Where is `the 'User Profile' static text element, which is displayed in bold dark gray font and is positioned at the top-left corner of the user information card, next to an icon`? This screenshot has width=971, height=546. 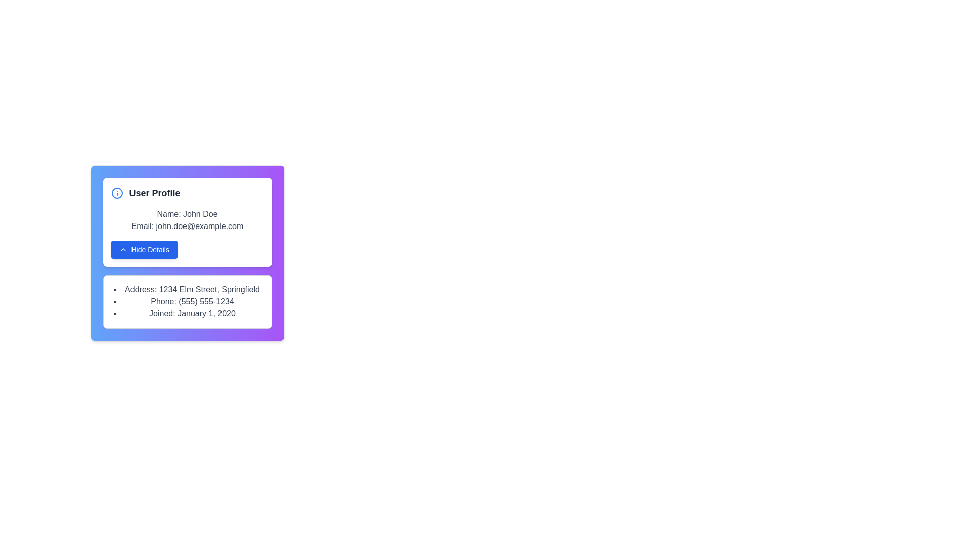
the 'User Profile' static text element, which is displayed in bold dark gray font and is positioned at the top-left corner of the user information card, next to an icon is located at coordinates (154, 193).